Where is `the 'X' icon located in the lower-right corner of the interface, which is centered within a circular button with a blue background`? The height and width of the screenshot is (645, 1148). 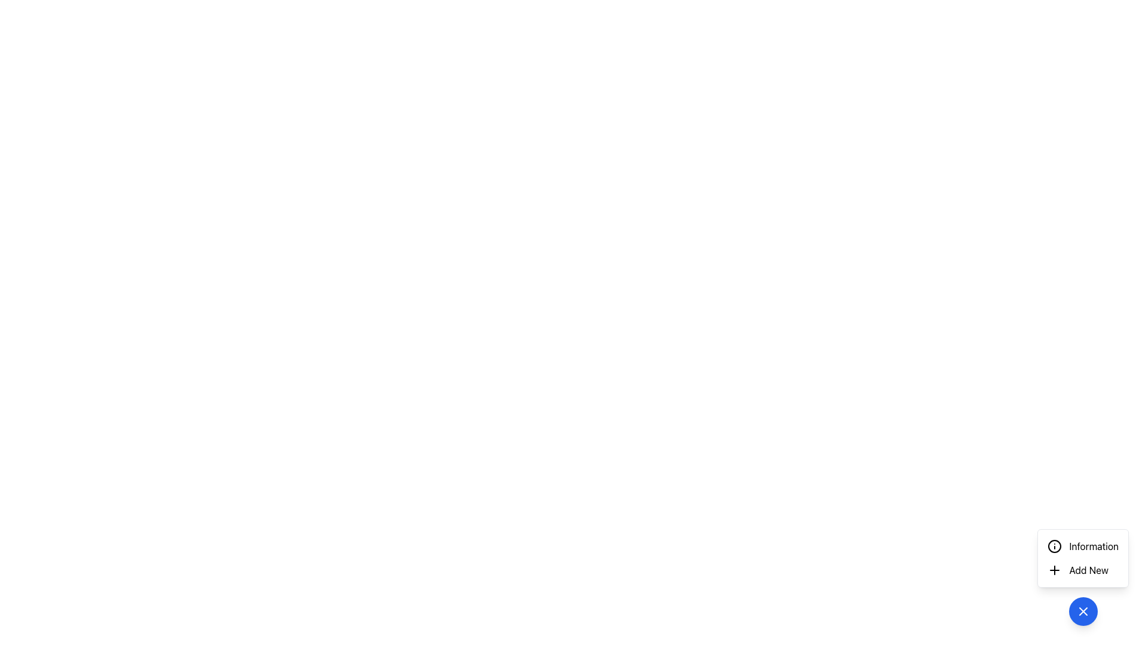
the 'X' icon located in the lower-right corner of the interface, which is centered within a circular button with a blue background is located at coordinates (1083, 611).